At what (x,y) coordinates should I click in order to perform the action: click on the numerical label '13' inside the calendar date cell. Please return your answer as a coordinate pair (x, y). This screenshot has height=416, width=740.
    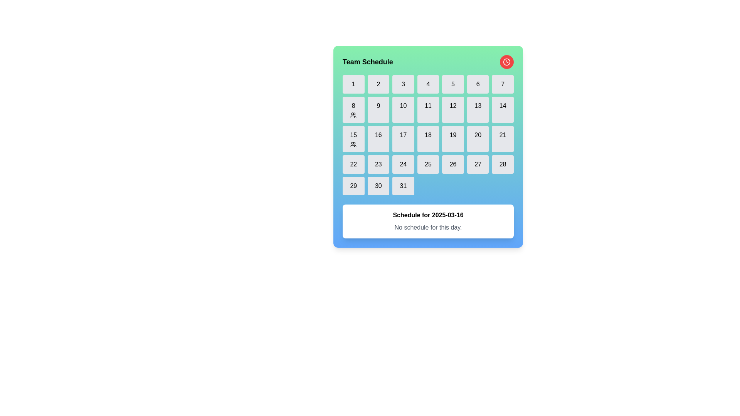
    Looking at the image, I should click on (477, 106).